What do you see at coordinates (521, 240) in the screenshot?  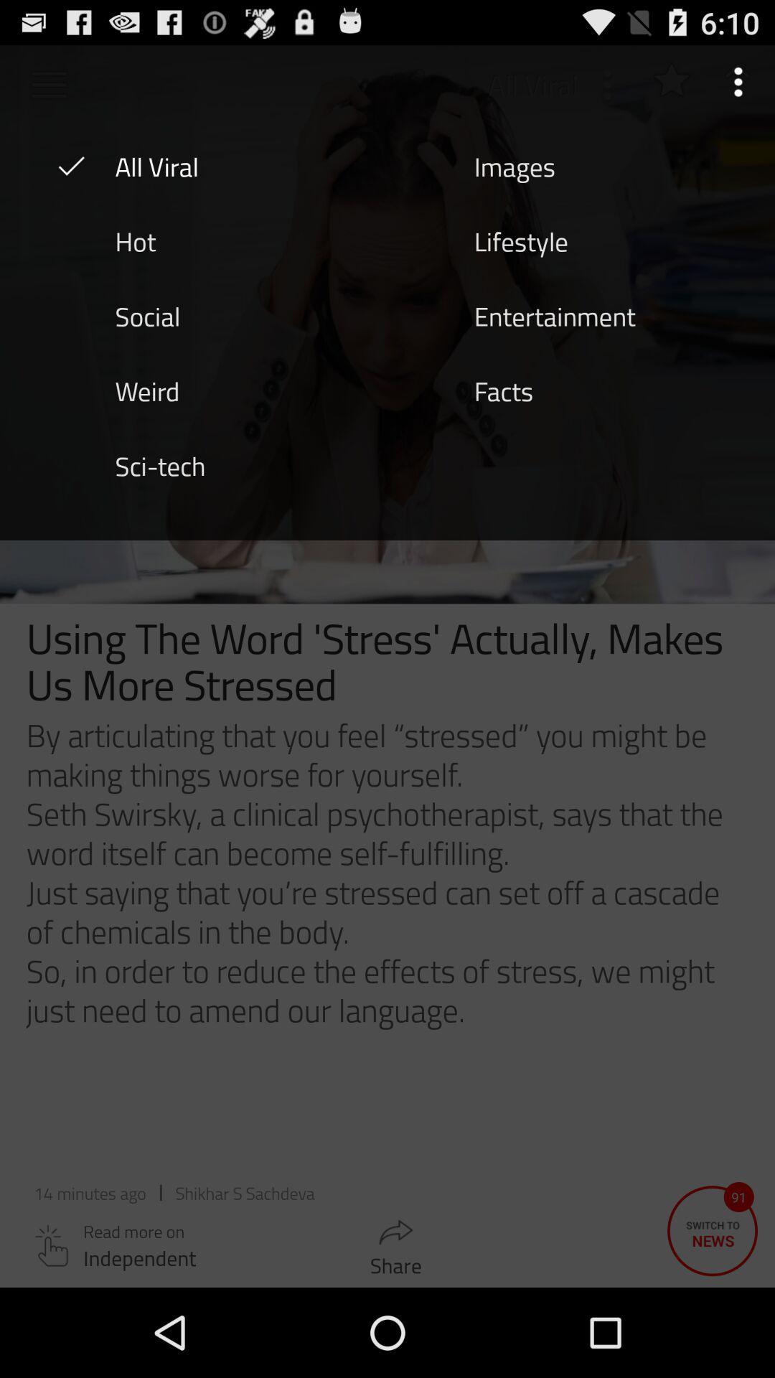 I see `the item next to the hot icon` at bounding box center [521, 240].